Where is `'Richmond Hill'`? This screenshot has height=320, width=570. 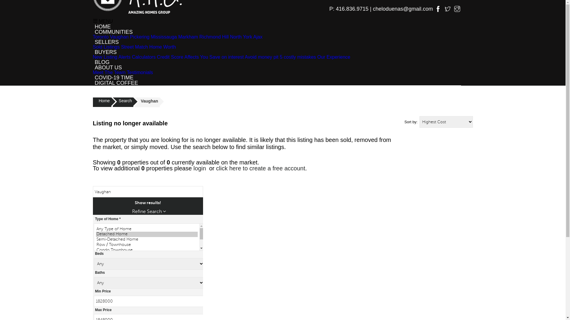
'Richmond Hill' is located at coordinates (214, 37).